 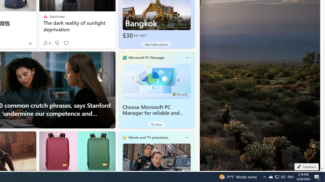 What do you see at coordinates (156, 124) in the screenshot?
I see `'Try Now'` at bounding box center [156, 124].